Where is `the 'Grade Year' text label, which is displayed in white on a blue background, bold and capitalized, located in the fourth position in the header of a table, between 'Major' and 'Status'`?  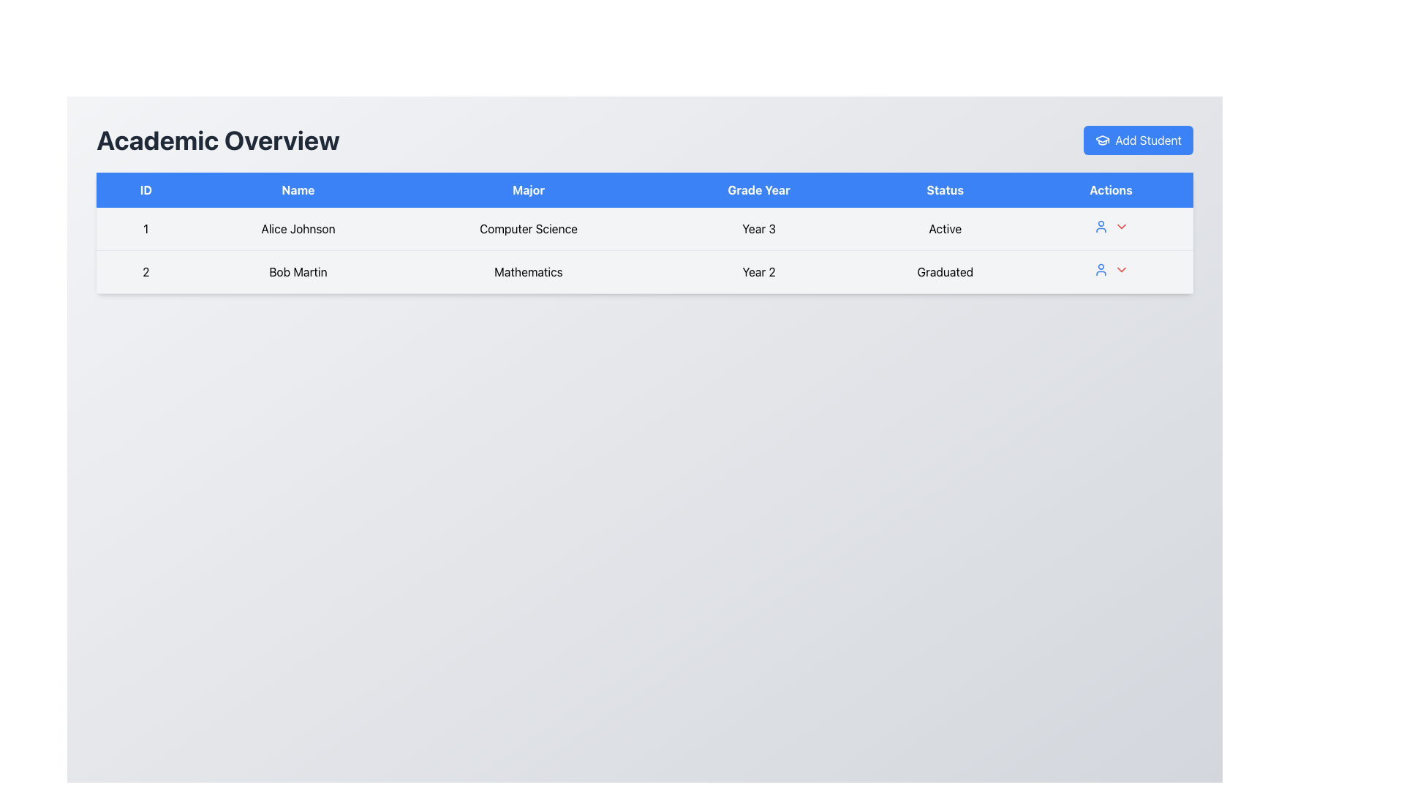 the 'Grade Year' text label, which is displayed in white on a blue background, bold and capitalized, located in the fourth position in the header of a table, between 'Major' and 'Status' is located at coordinates (759, 189).